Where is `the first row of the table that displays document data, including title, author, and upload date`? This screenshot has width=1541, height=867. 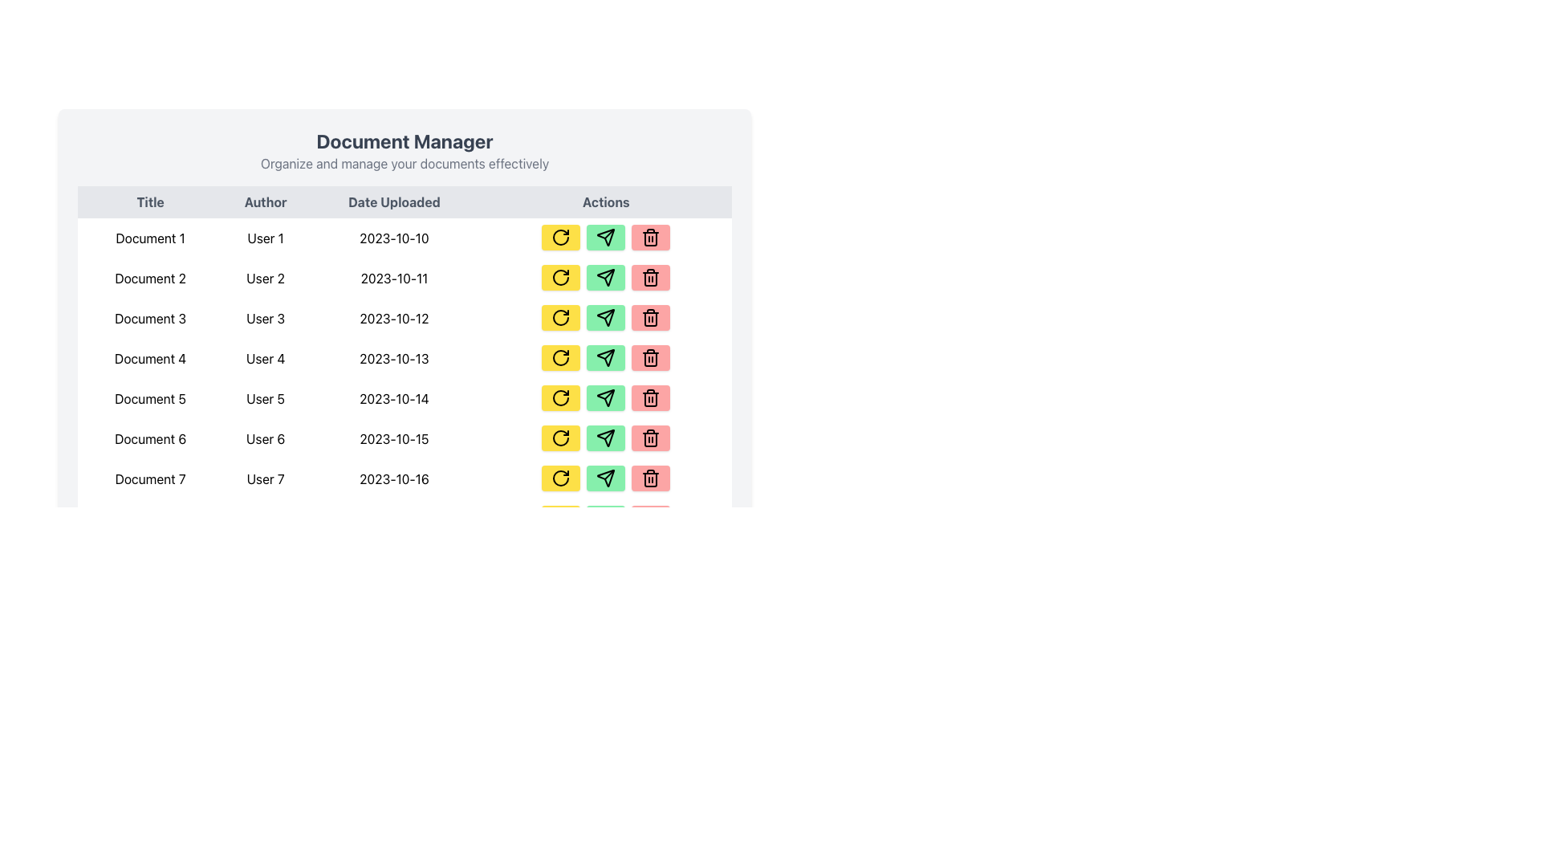
the first row of the table that displays document data, including title, author, and upload date is located at coordinates (405, 238).